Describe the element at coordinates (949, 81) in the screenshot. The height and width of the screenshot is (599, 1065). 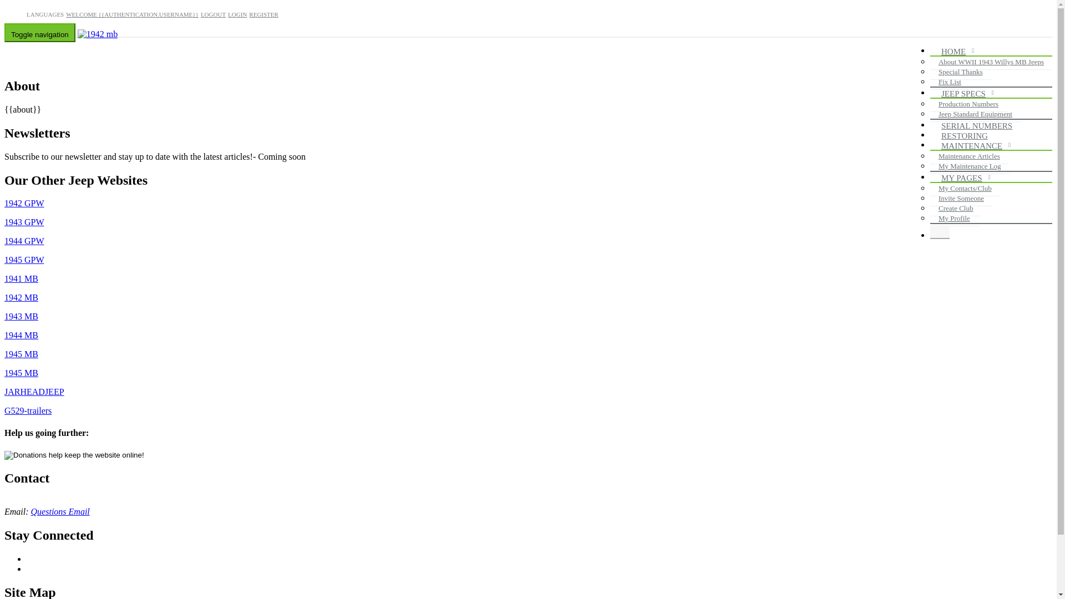
I see `'Fix List'` at that location.